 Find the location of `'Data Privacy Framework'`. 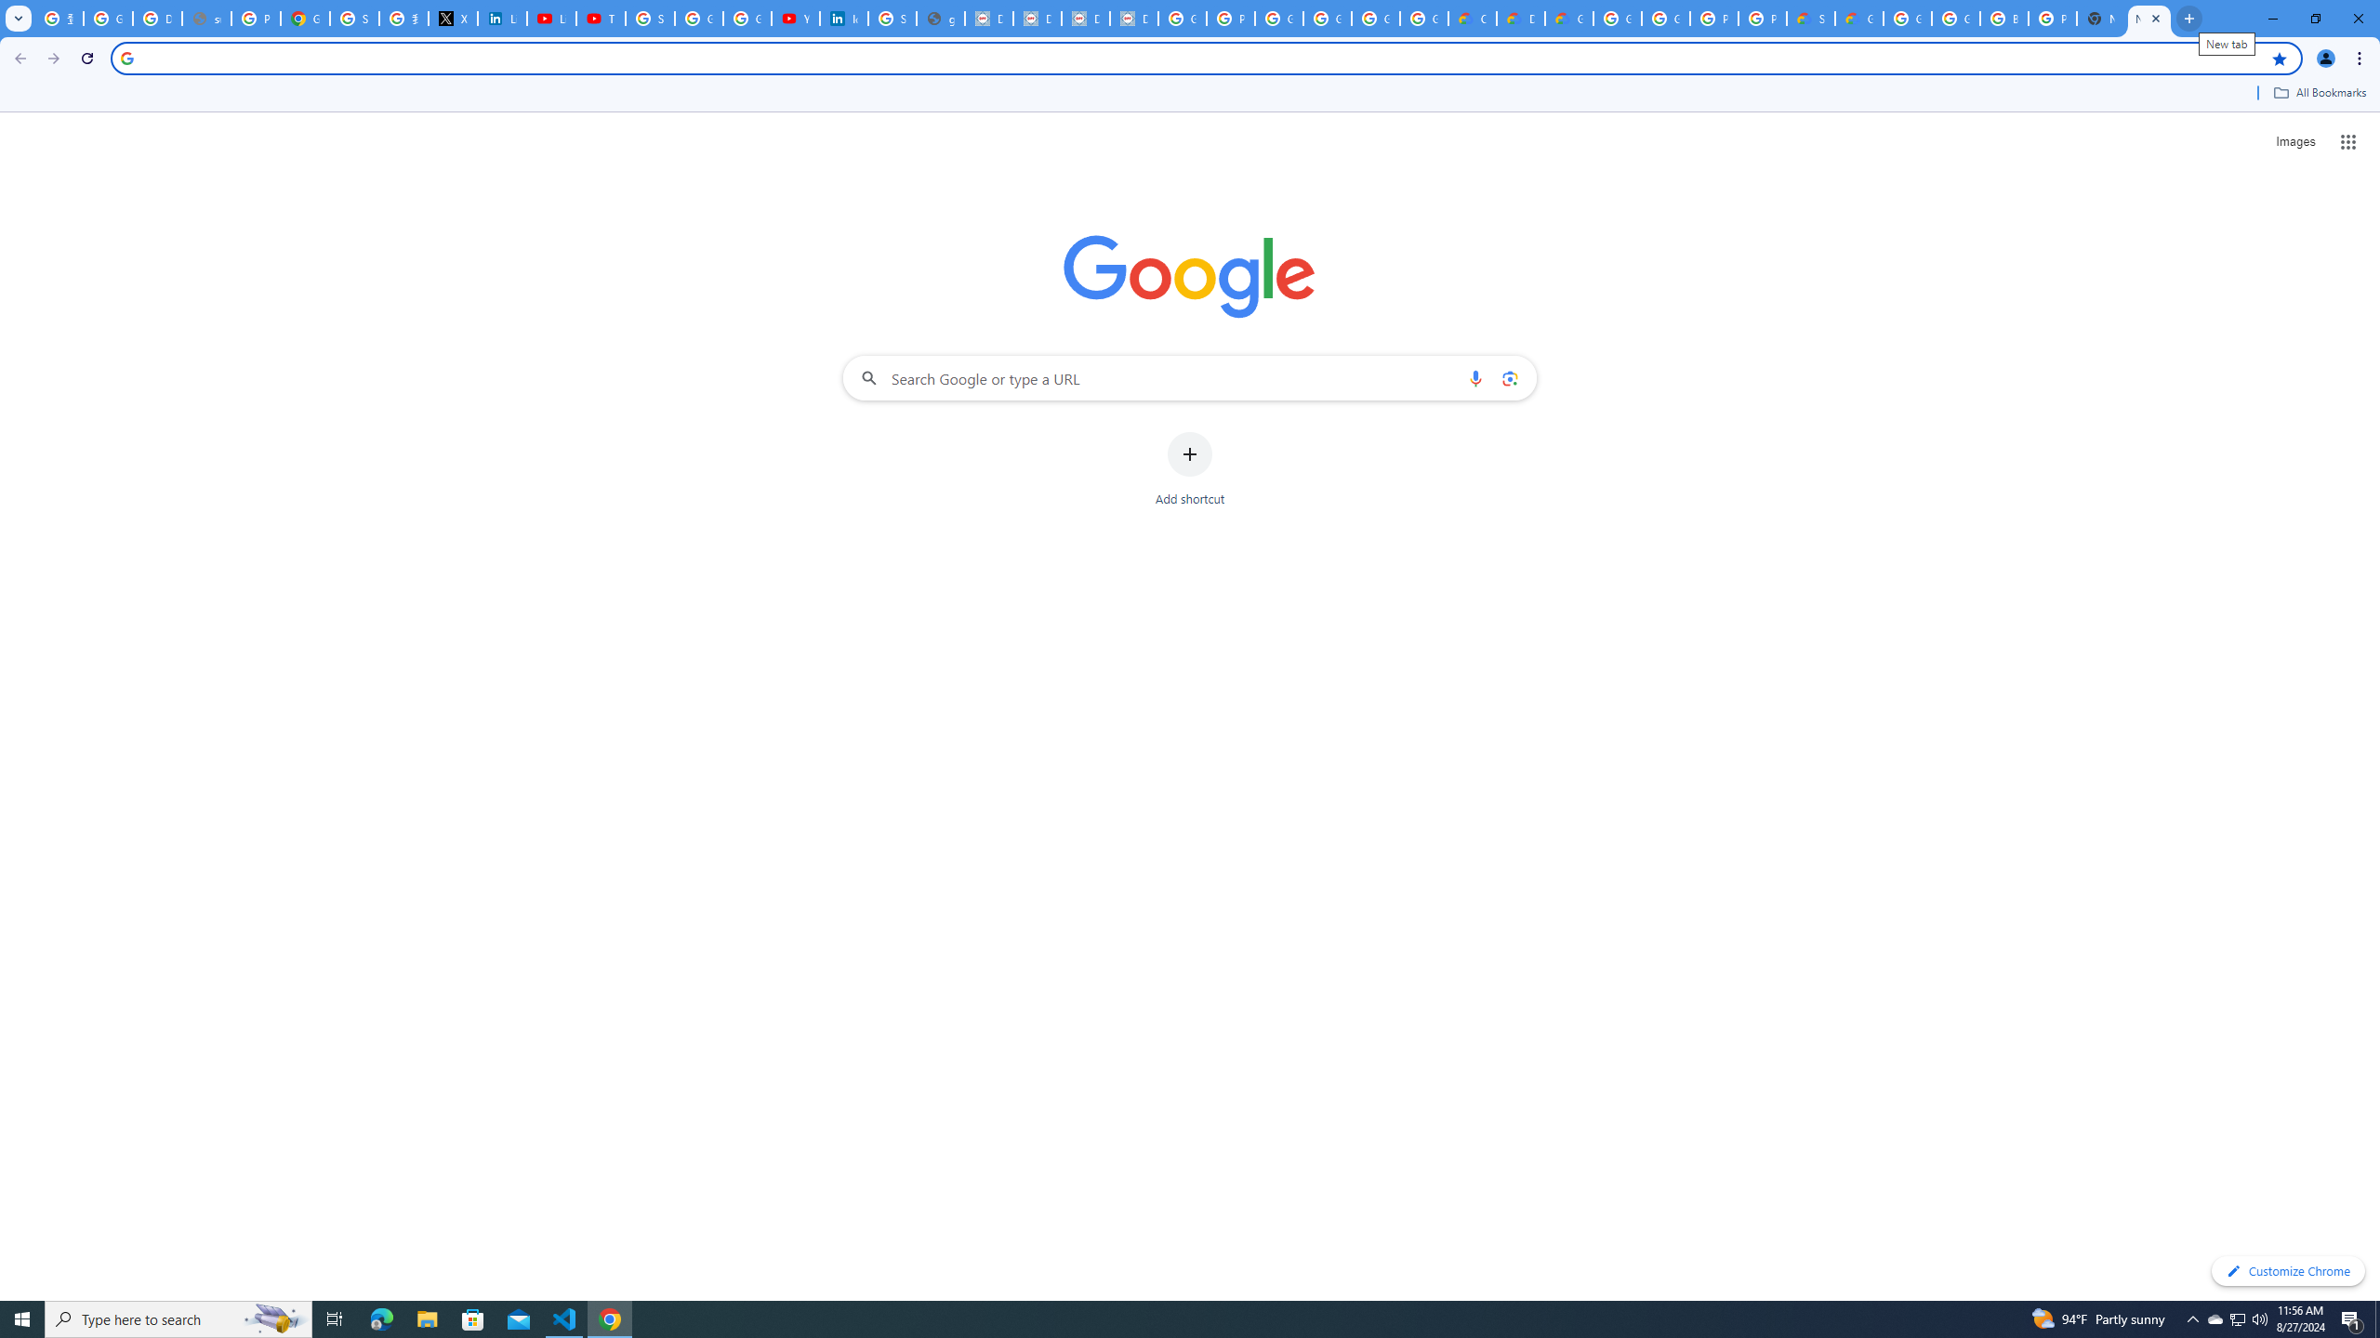

'Data Privacy Framework' is located at coordinates (1038, 18).